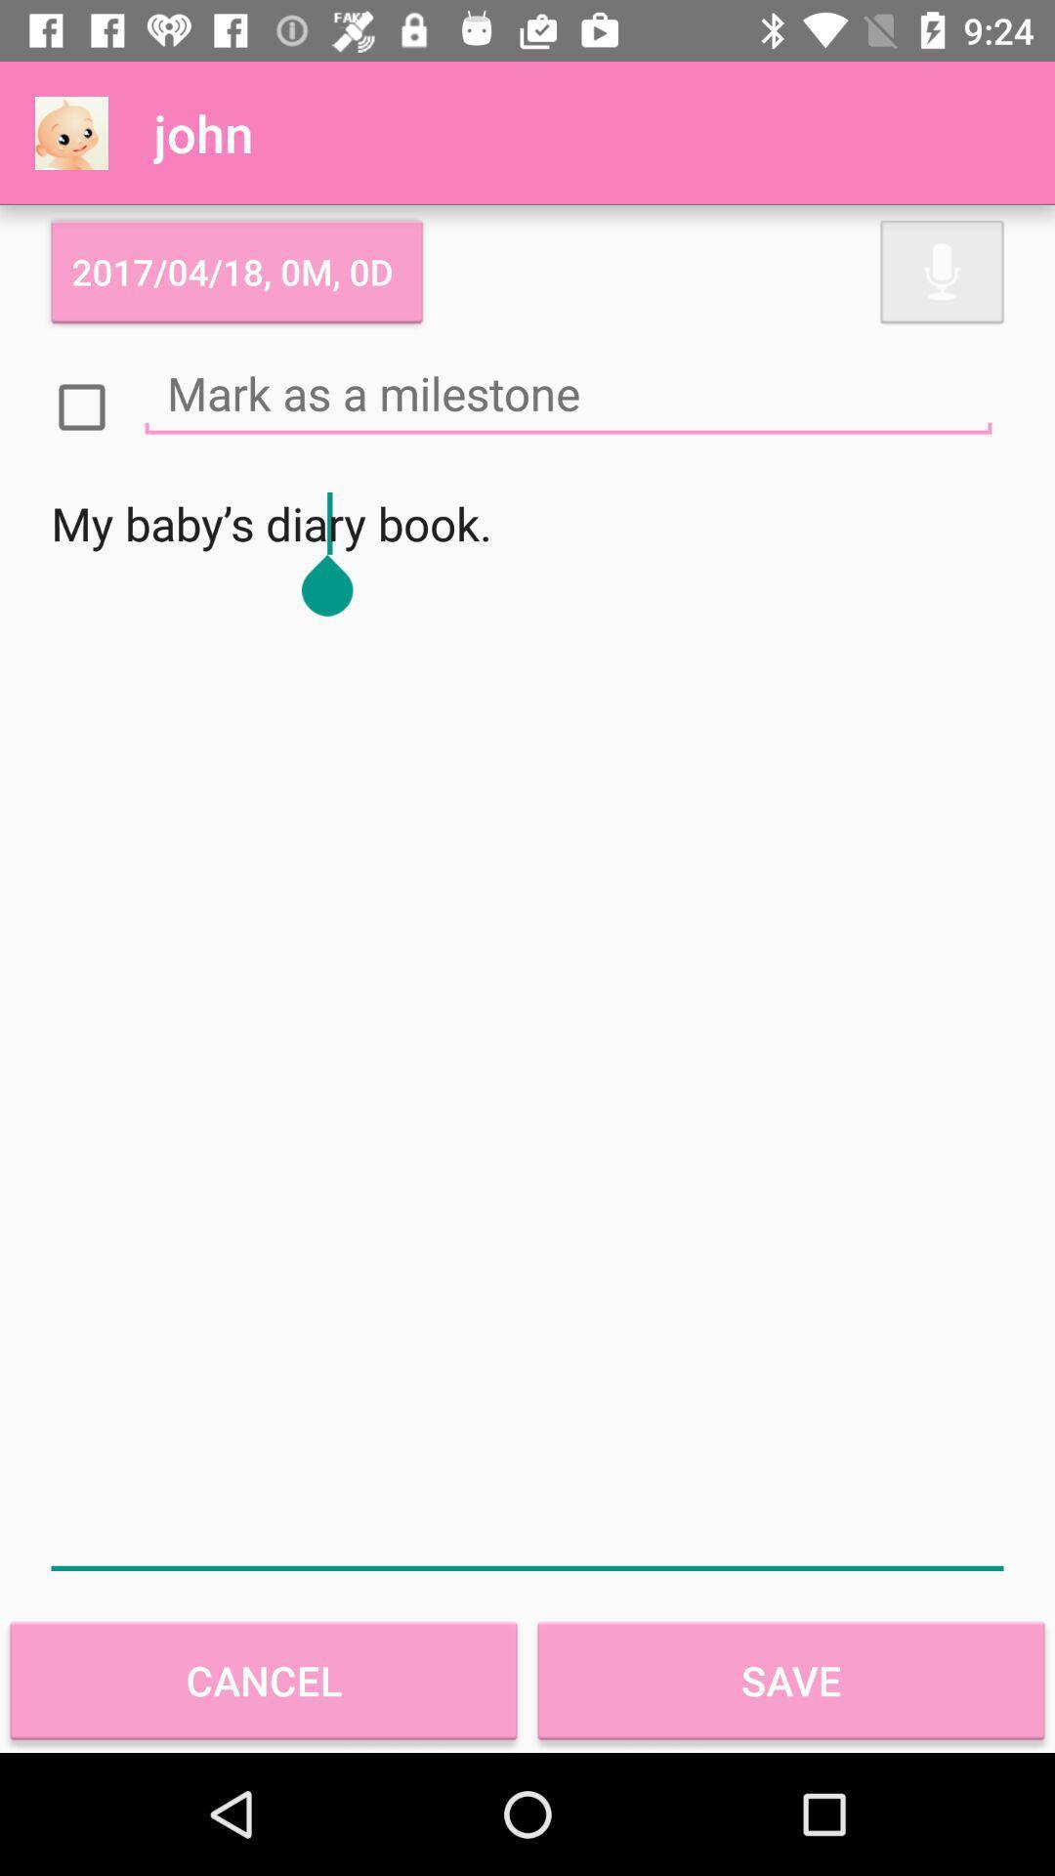 Image resolution: width=1055 pixels, height=1876 pixels. Describe the element at coordinates (569, 392) in the screenshot. I see `mark as a milestone` at that location.